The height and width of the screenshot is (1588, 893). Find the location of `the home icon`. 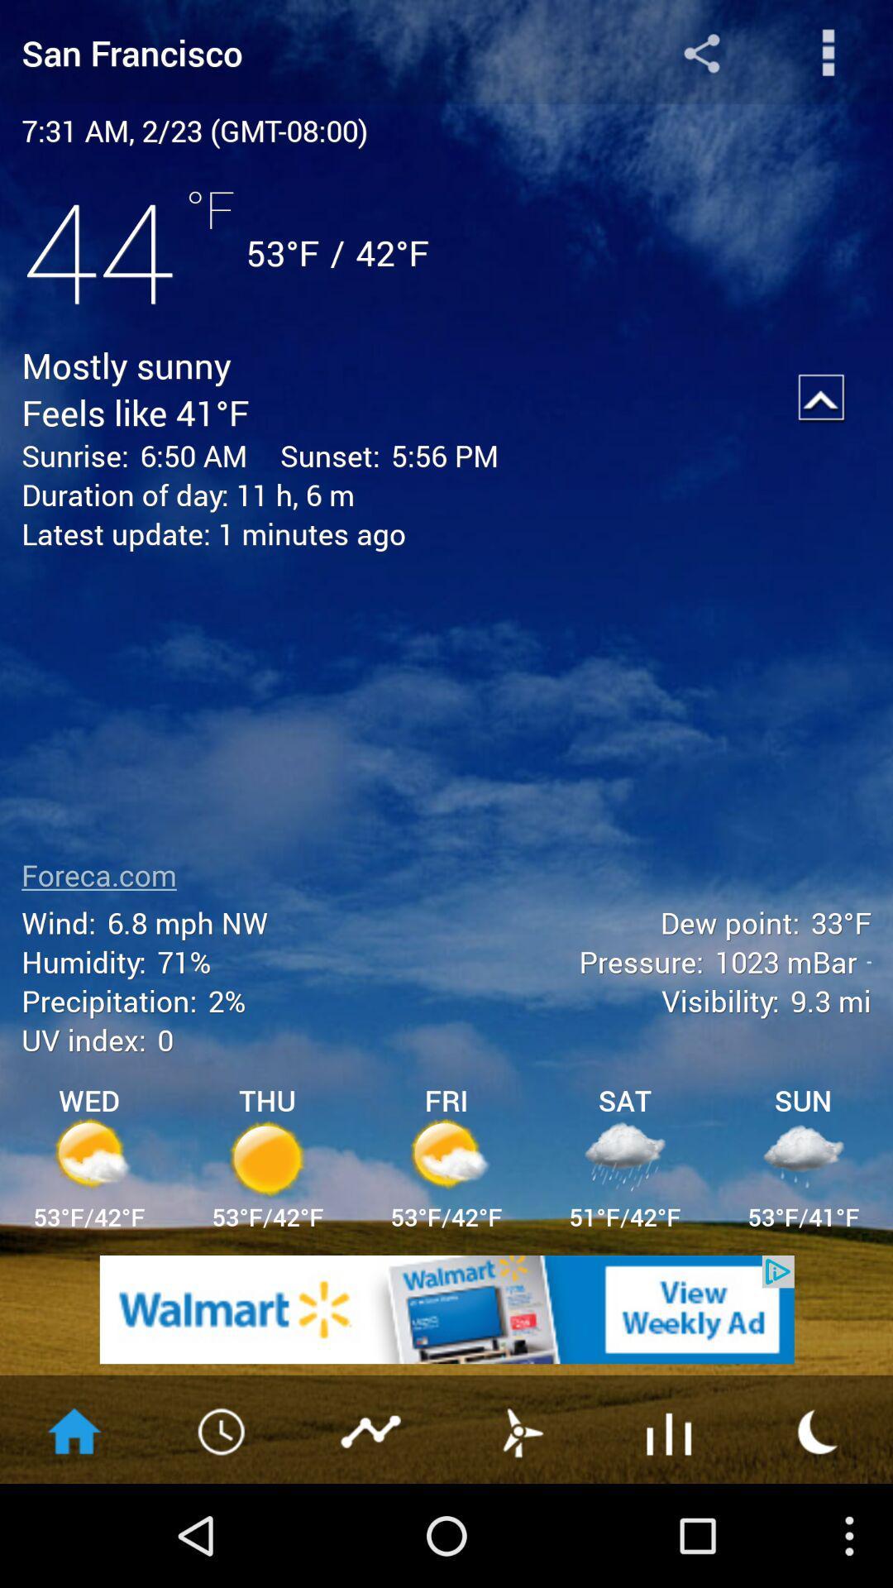

the home icon is located at coordinates (73, 1529).